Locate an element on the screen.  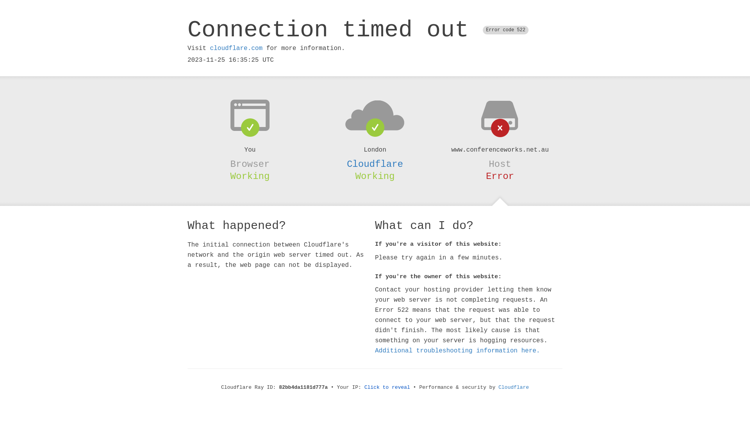
'Additional troubleshooting information here.' is located at coordinates (457, 350).